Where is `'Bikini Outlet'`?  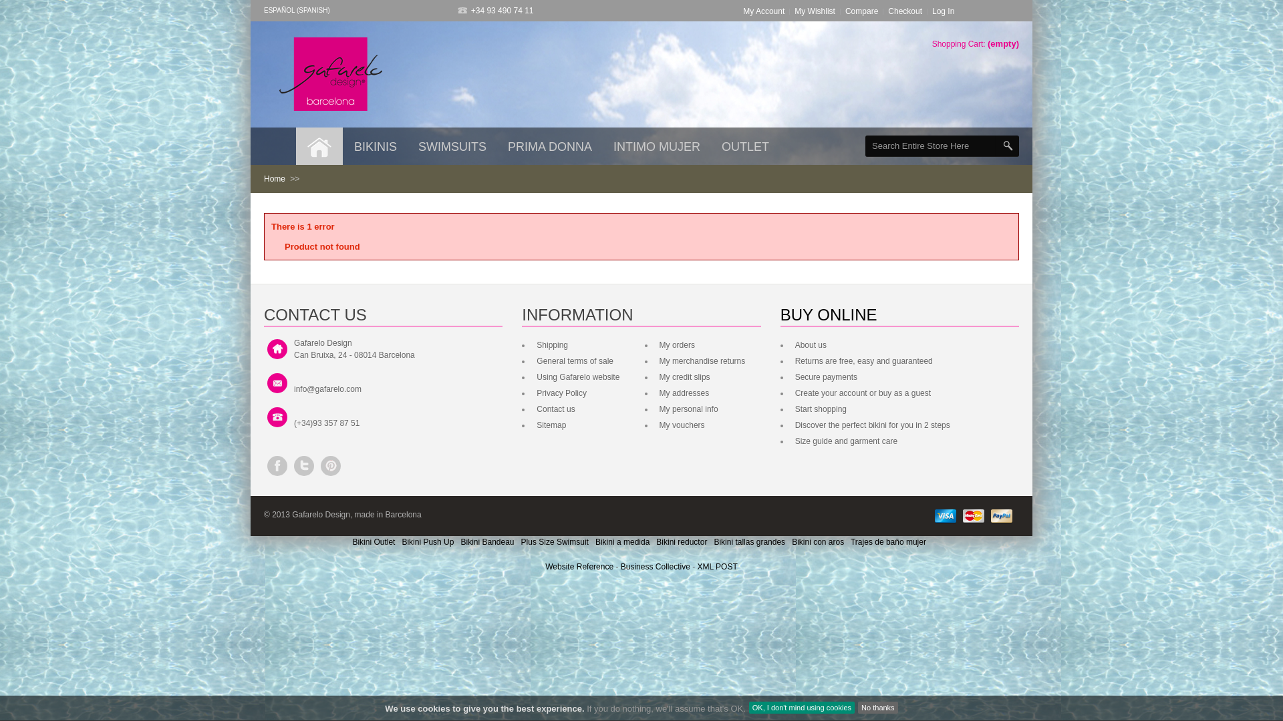 'Bikini Outlet' is located at coordinates (373, 542).